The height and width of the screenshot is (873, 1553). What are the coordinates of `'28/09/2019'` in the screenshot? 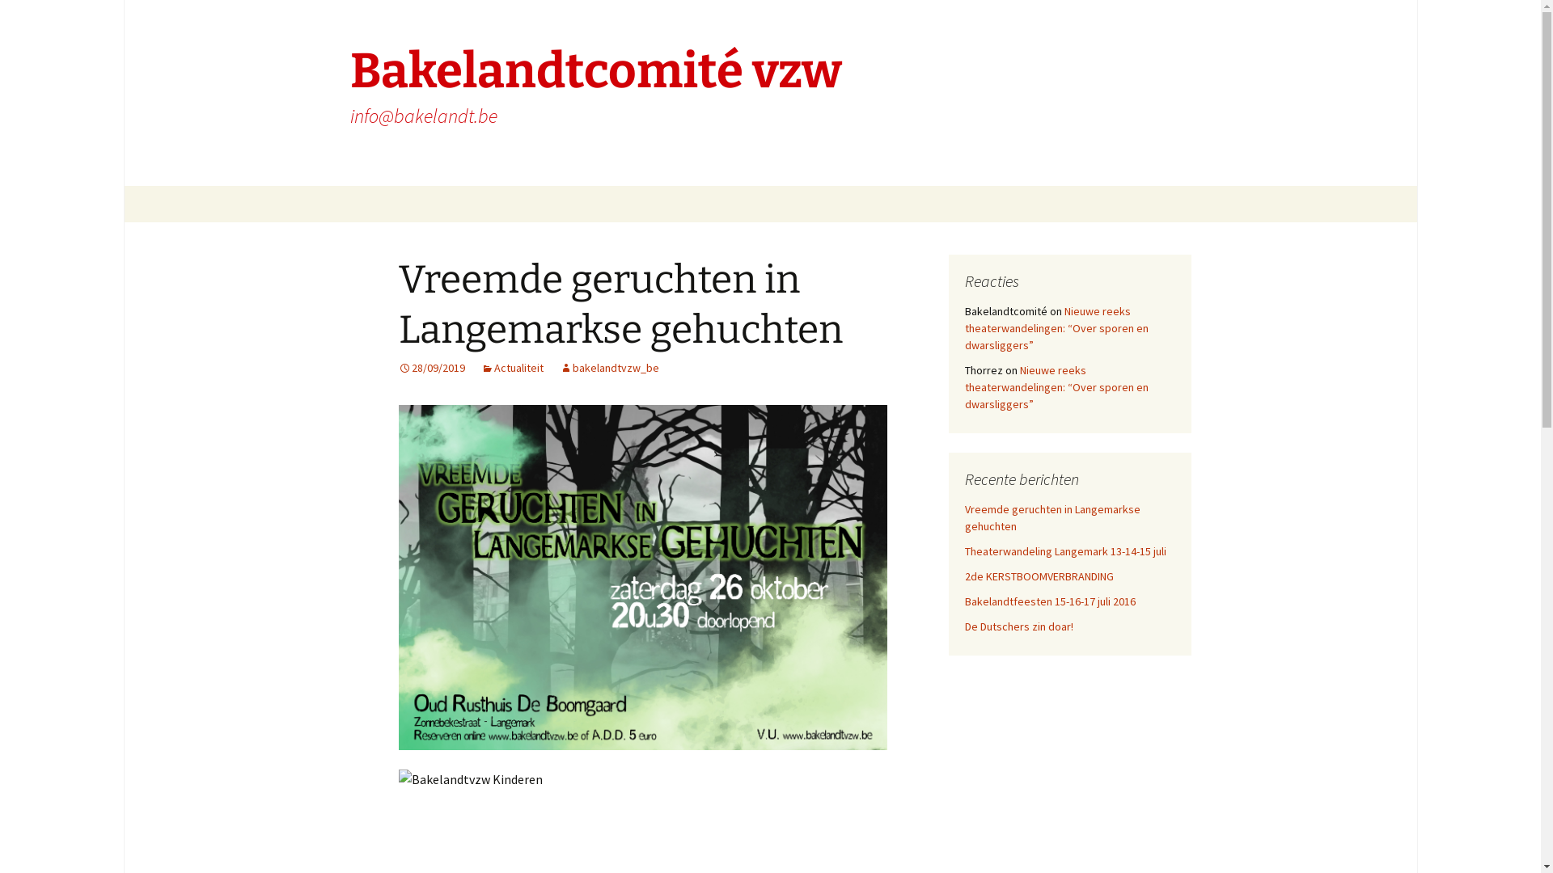 It's located at (430, 368).